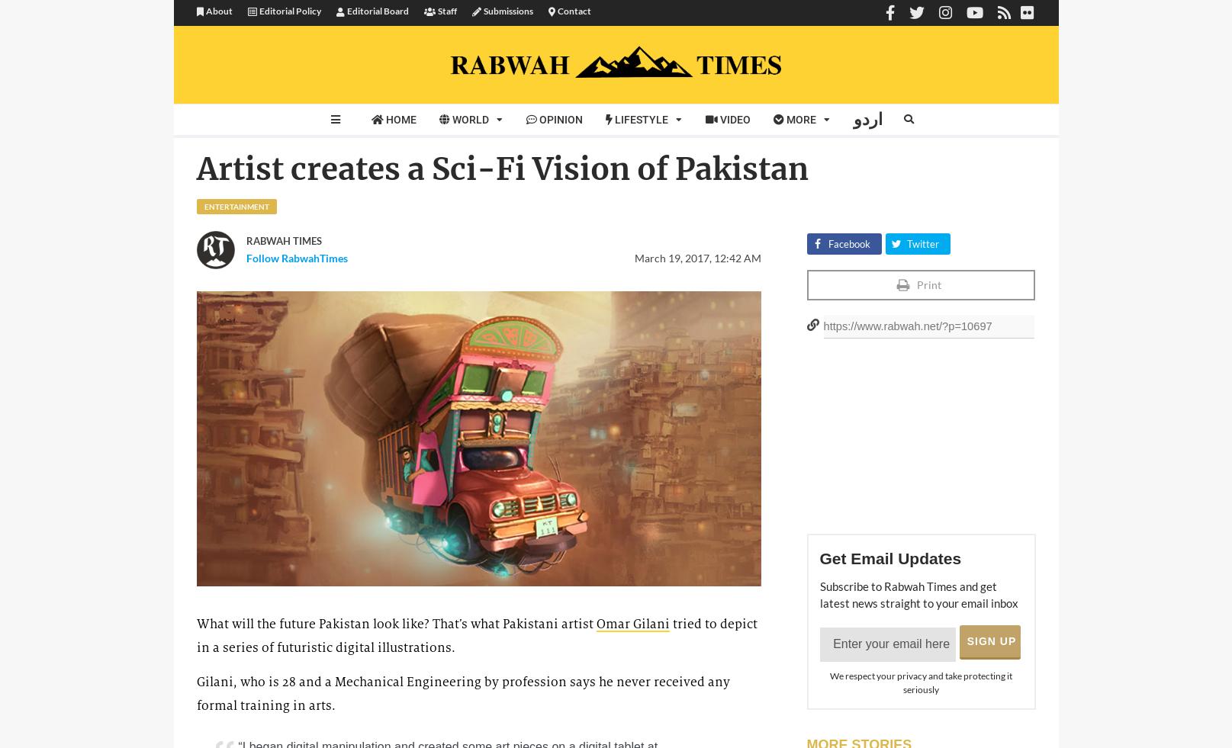 The height and width of the screenshot is (748, 1232). What do you see at coordinates (915, 284) in the screenshot?
I see `'Print'` at bounding box center [915, 284].